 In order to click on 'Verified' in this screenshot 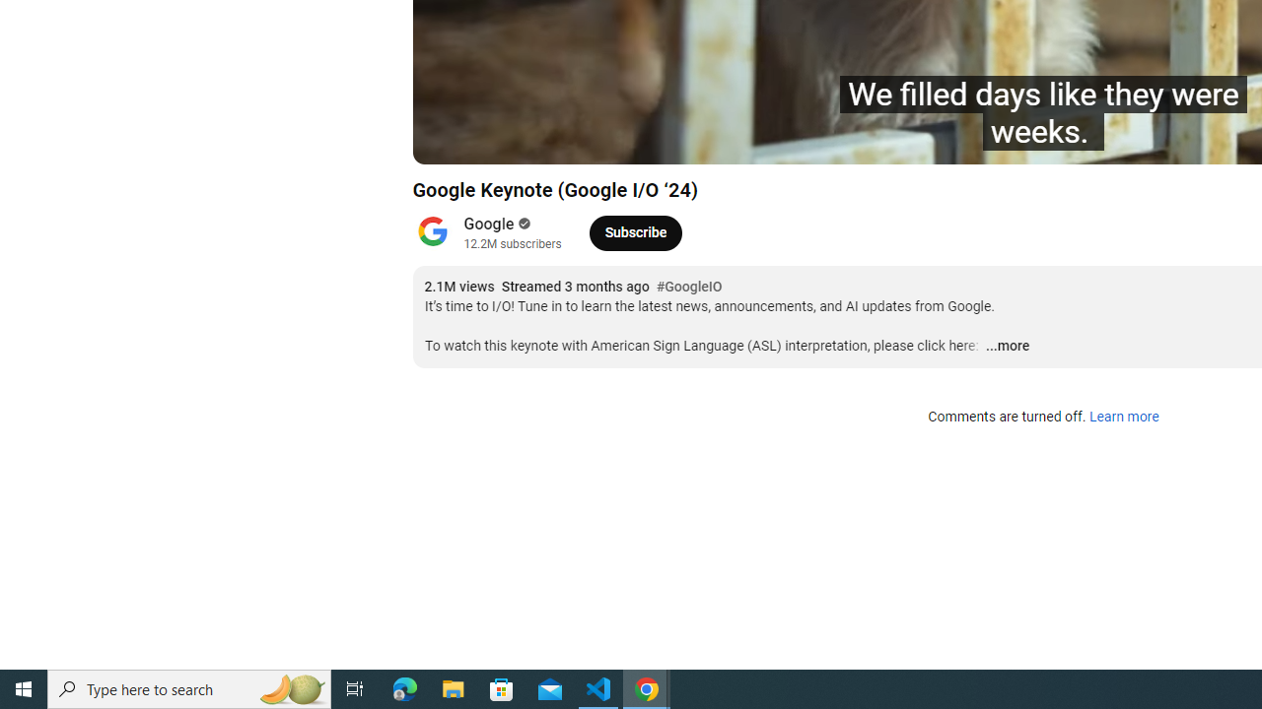, I will do `click(523, 223)`.